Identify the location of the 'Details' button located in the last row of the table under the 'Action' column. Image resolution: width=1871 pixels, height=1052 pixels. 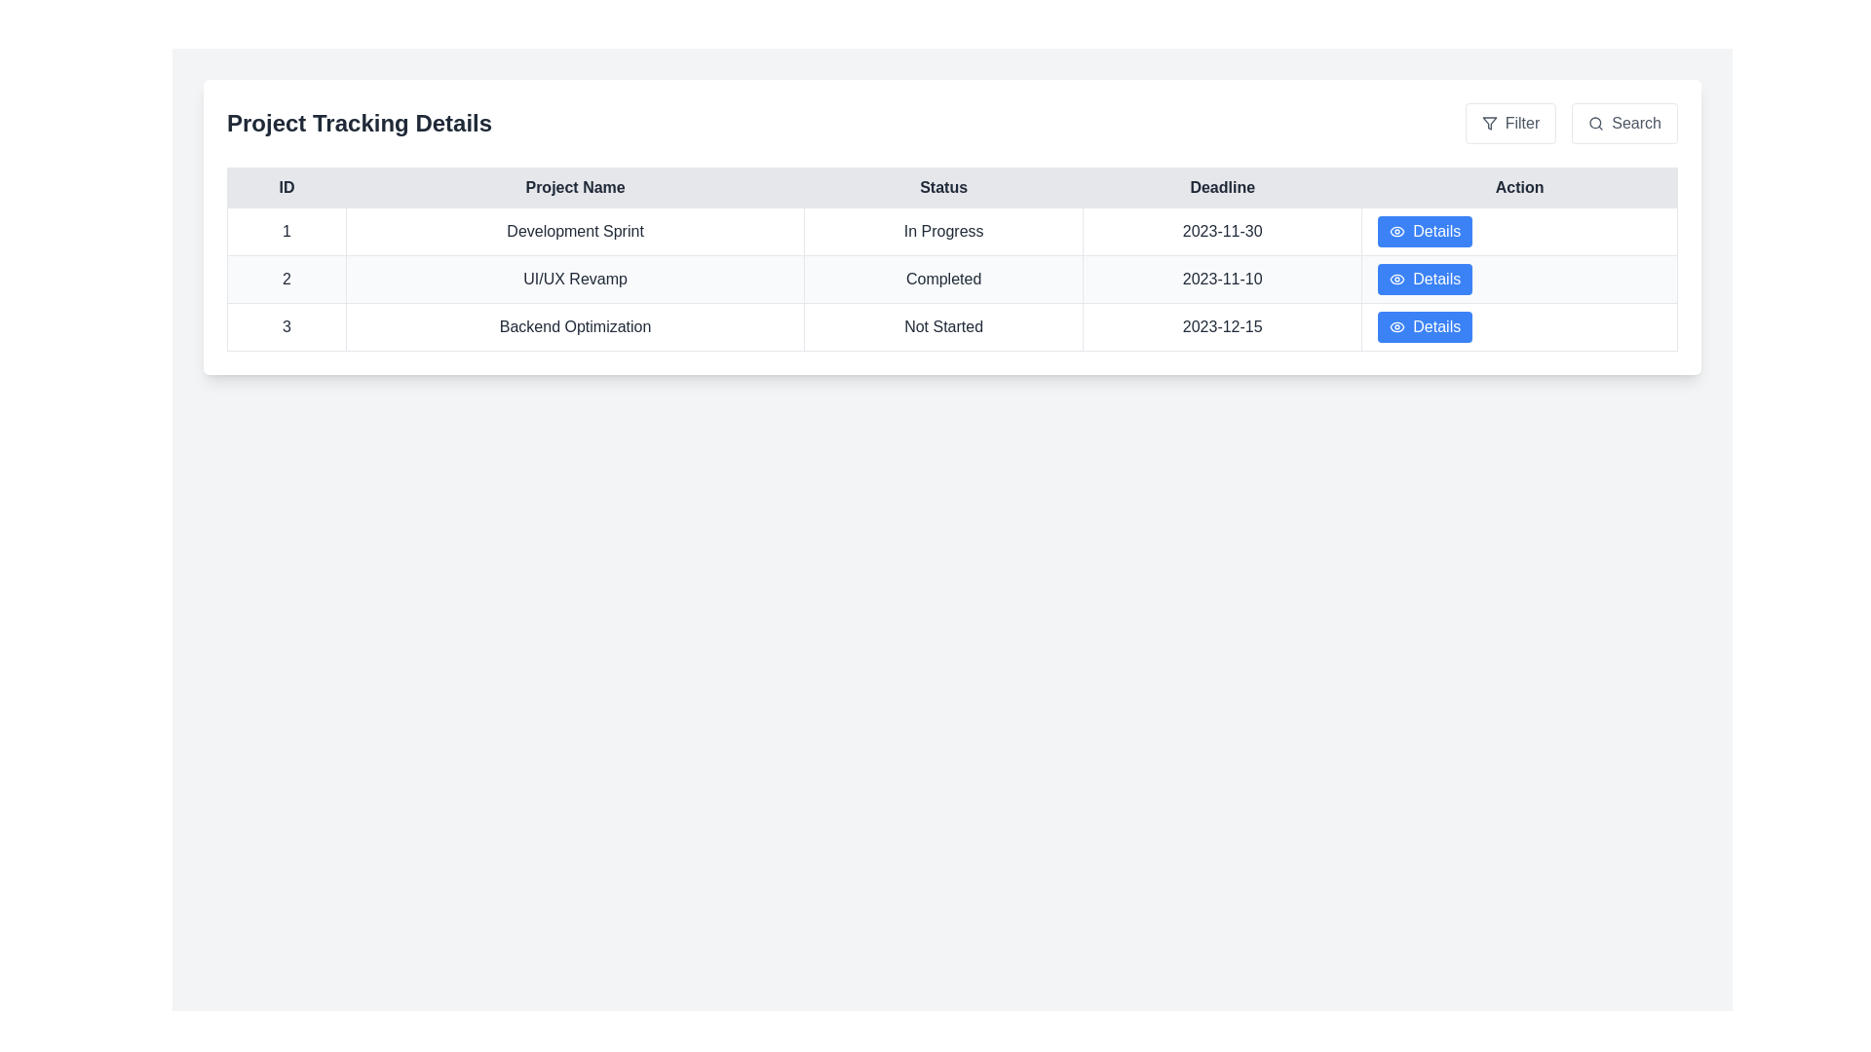
(1518, 325).